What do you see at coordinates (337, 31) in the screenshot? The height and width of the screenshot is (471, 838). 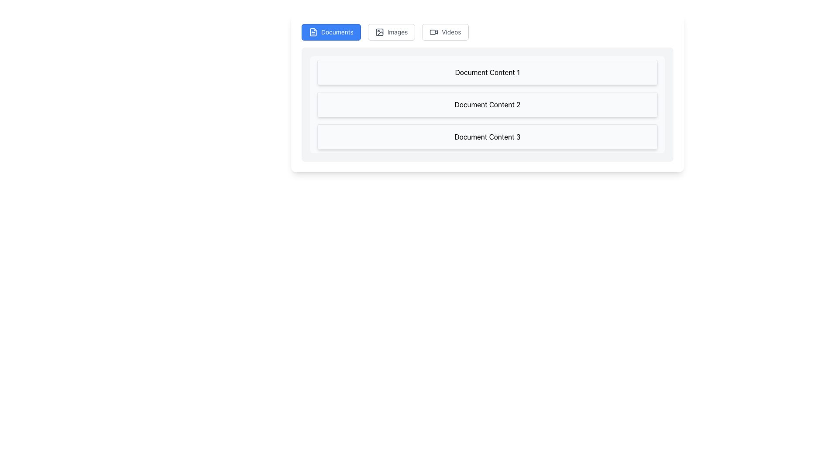 I see `the 'Documents' text label, which is part of a rounded rectangular button with a blue background, located near the upper-left region of the interface` at bounding box center [337, 31].